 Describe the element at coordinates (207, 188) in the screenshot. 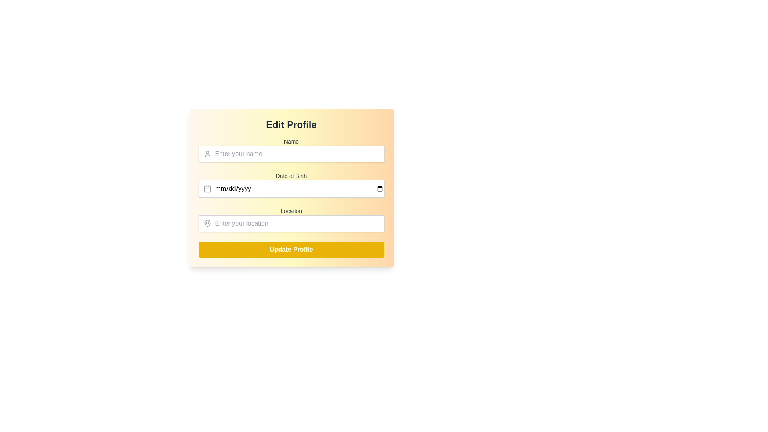

I see `the calendar icon located to the left of the 'Date of Birth' input field` at that location.